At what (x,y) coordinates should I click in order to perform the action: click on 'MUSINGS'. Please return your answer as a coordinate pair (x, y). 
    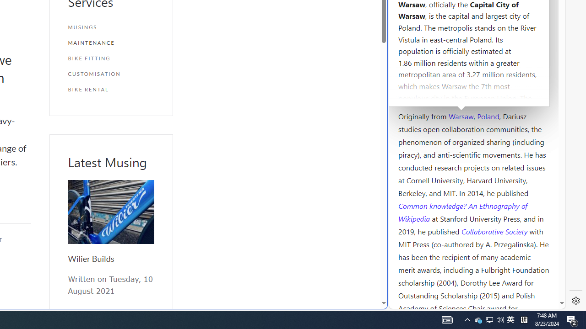
    Looking at the image, I should click on (110, 27).